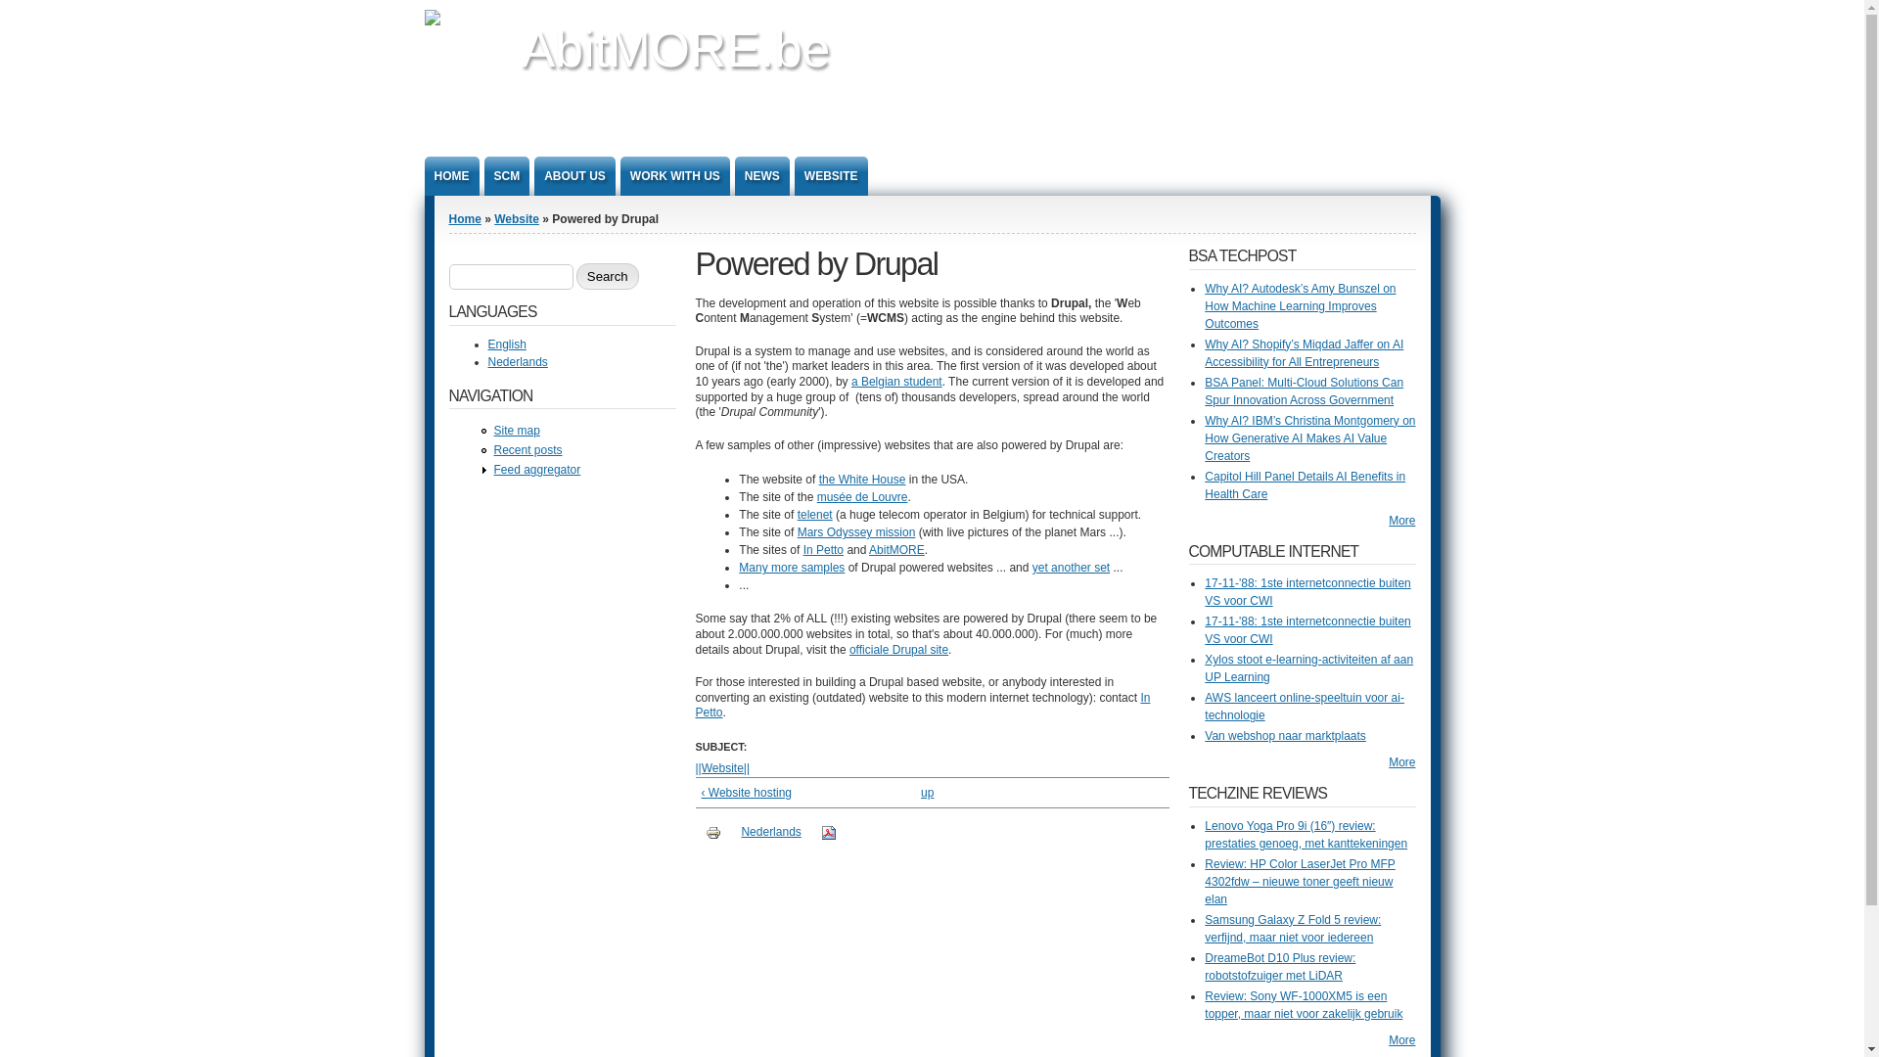  Describe the element at coordinates (828, 833) in the screenshot. I see `'PDF version'` at that location.